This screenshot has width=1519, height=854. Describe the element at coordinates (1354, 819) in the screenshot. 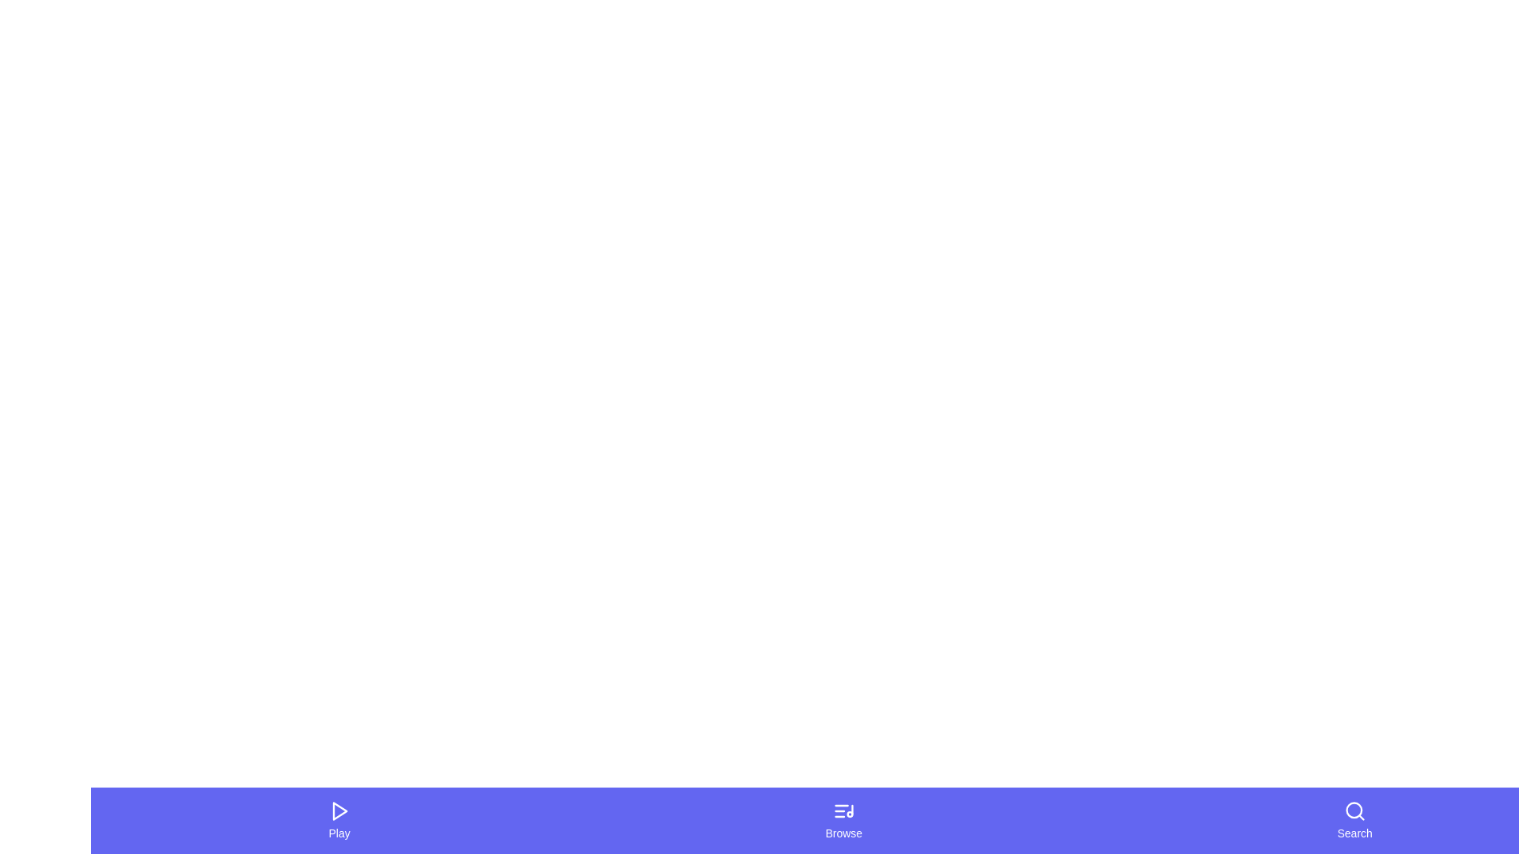

I see `the Search tab in the bottom navigation bar` at that location.